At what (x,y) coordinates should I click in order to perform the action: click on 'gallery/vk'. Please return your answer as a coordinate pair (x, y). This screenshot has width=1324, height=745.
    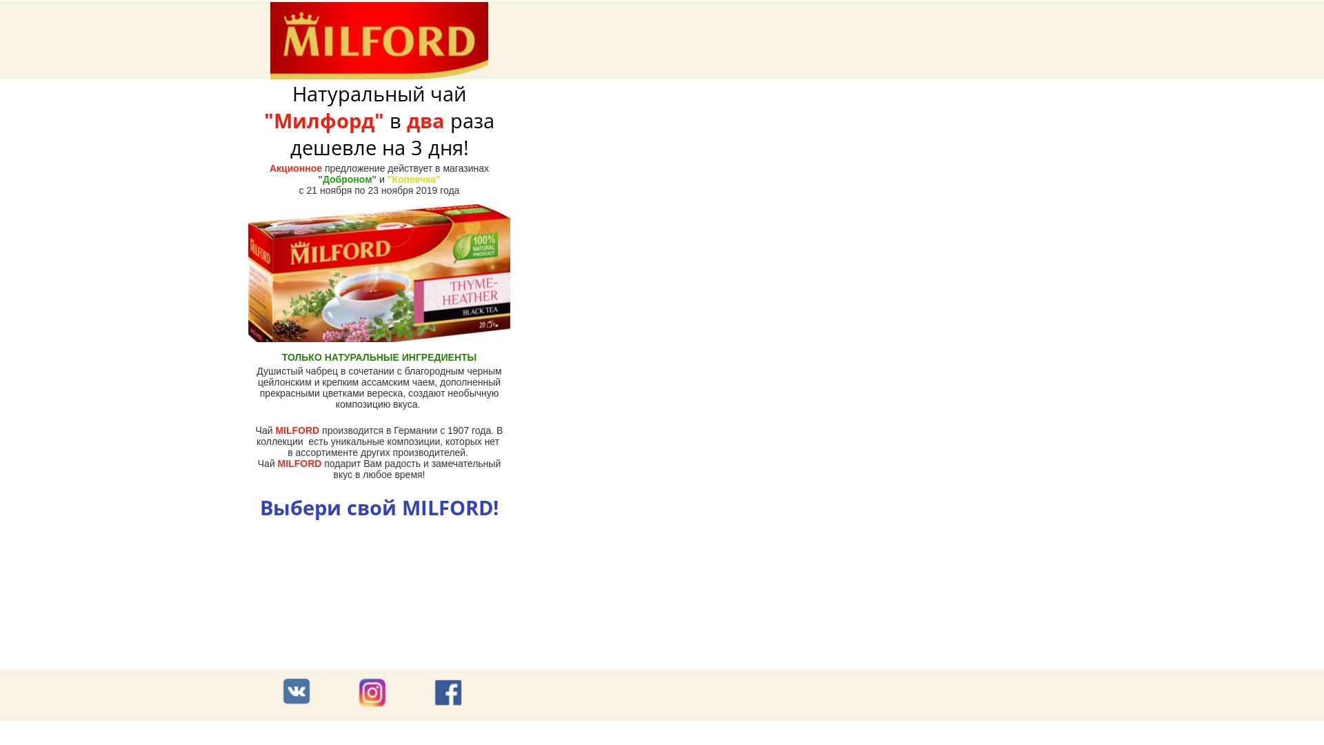
    Looking at the image, I should click on (296, 691).